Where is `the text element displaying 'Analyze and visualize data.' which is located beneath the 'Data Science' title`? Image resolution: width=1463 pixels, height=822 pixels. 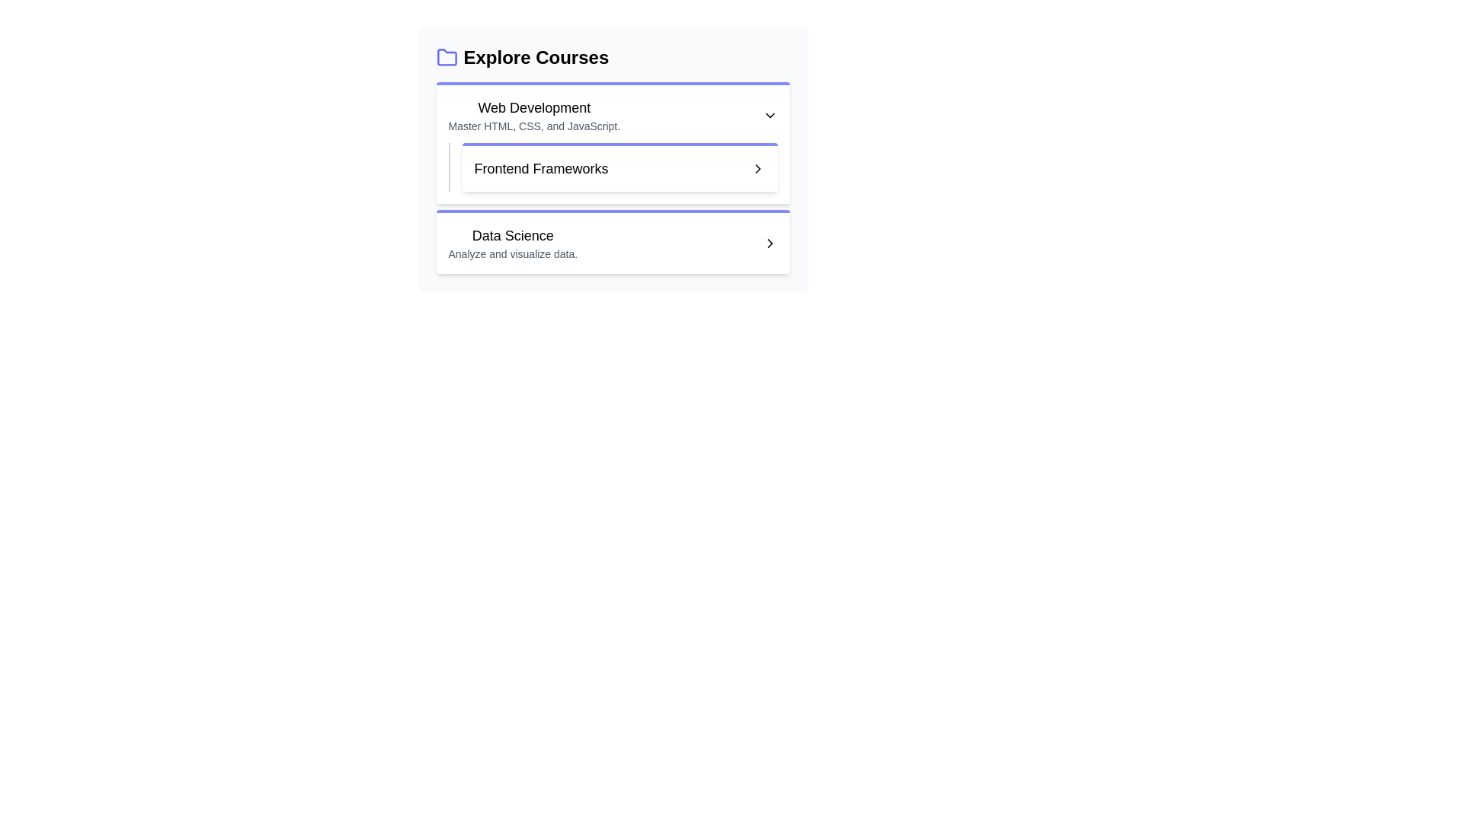
the text element displaying 'Analyze and visualize data.' which is located beneath the 'Data Science' title is located at coordinates (513, 253).